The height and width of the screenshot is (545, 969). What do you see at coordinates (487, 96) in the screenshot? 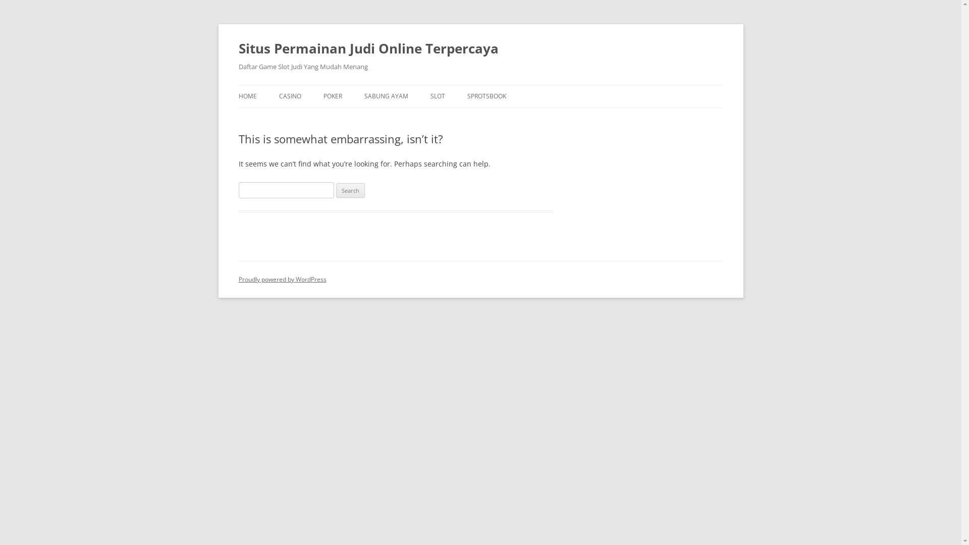
I see `'SPROTSBOOK'` at bounding box center [487, 96].